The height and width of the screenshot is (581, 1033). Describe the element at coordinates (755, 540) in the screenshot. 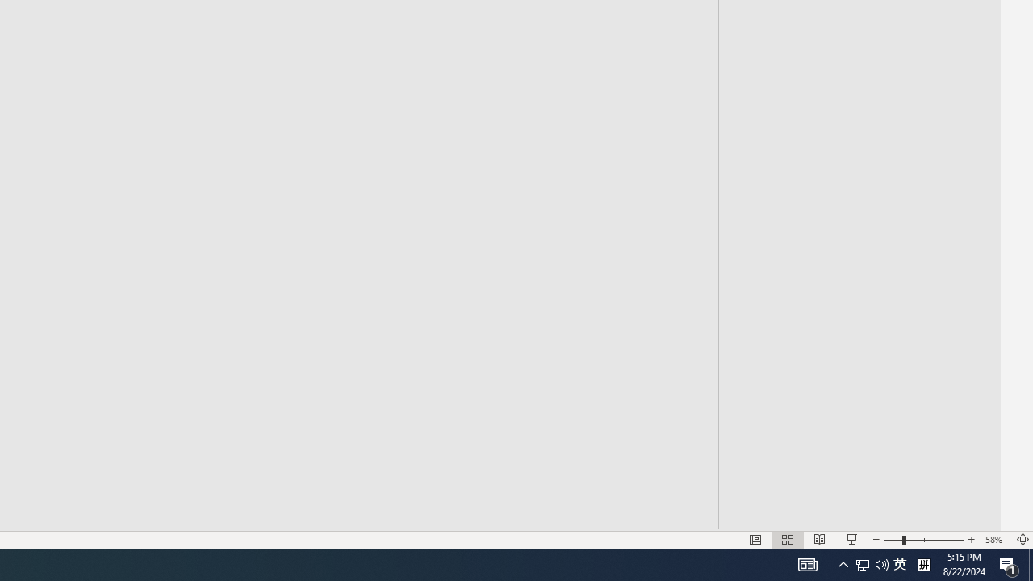

I see `'Normal'` at that location.